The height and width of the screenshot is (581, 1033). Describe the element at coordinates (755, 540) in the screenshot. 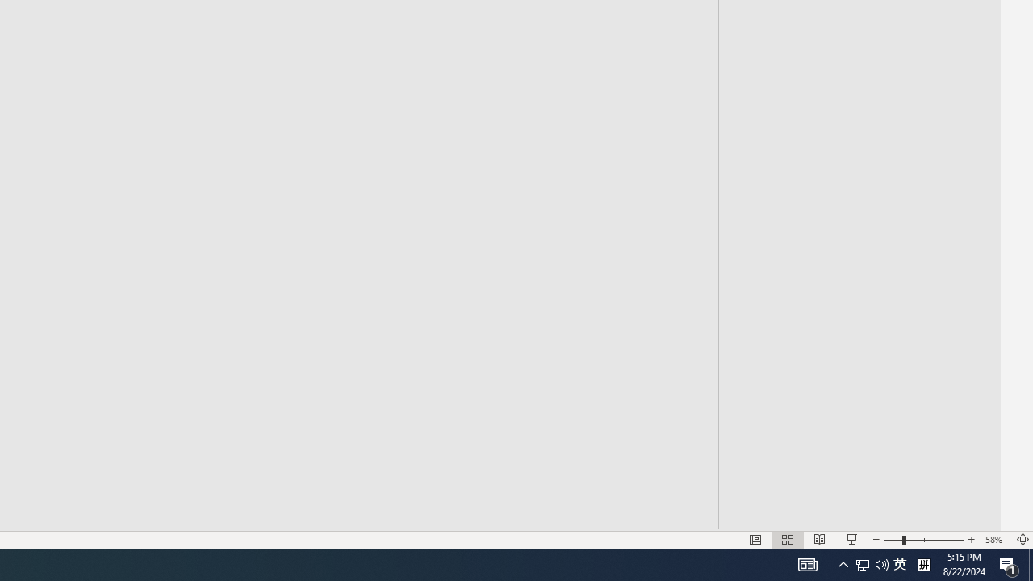

I see `'Normal'` at that location.